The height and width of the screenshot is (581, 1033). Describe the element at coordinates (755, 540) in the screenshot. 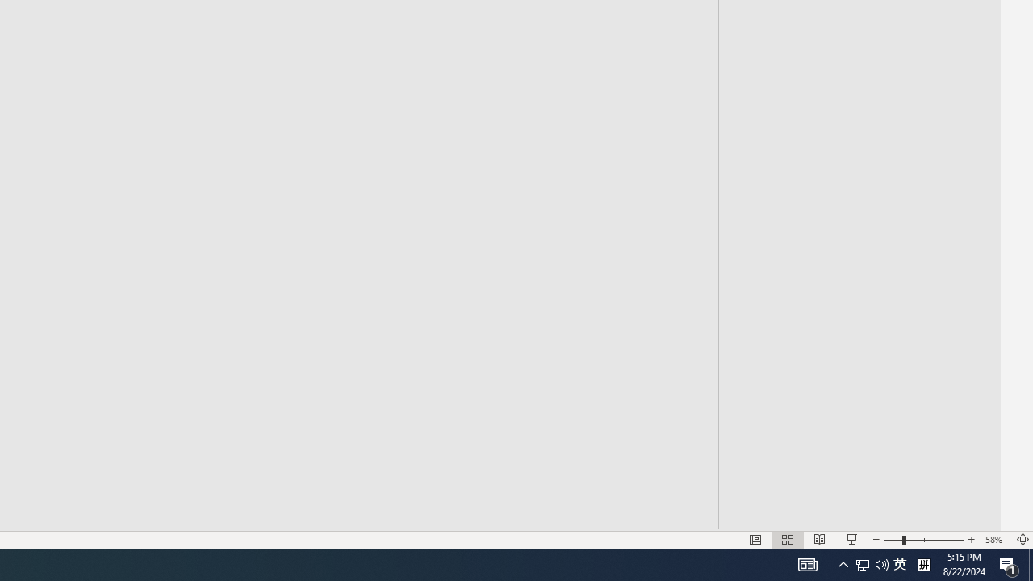

I see `'Normal'` at that location.